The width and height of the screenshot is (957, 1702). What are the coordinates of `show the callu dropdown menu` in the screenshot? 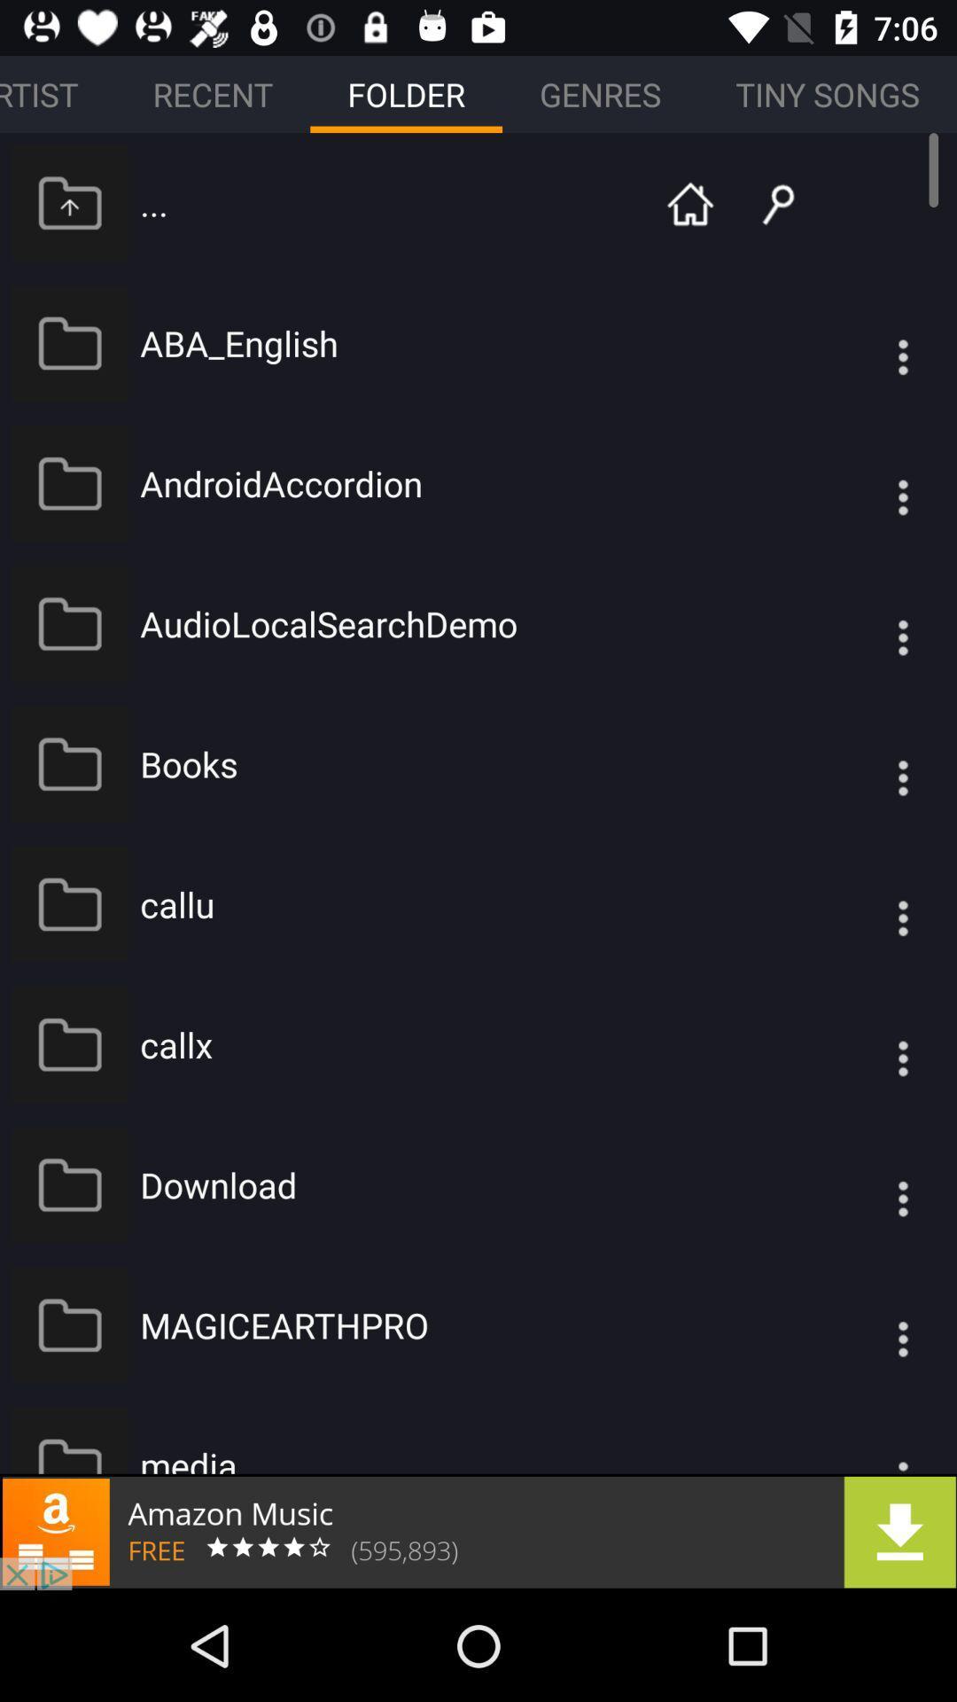 It's located at (867, 904).